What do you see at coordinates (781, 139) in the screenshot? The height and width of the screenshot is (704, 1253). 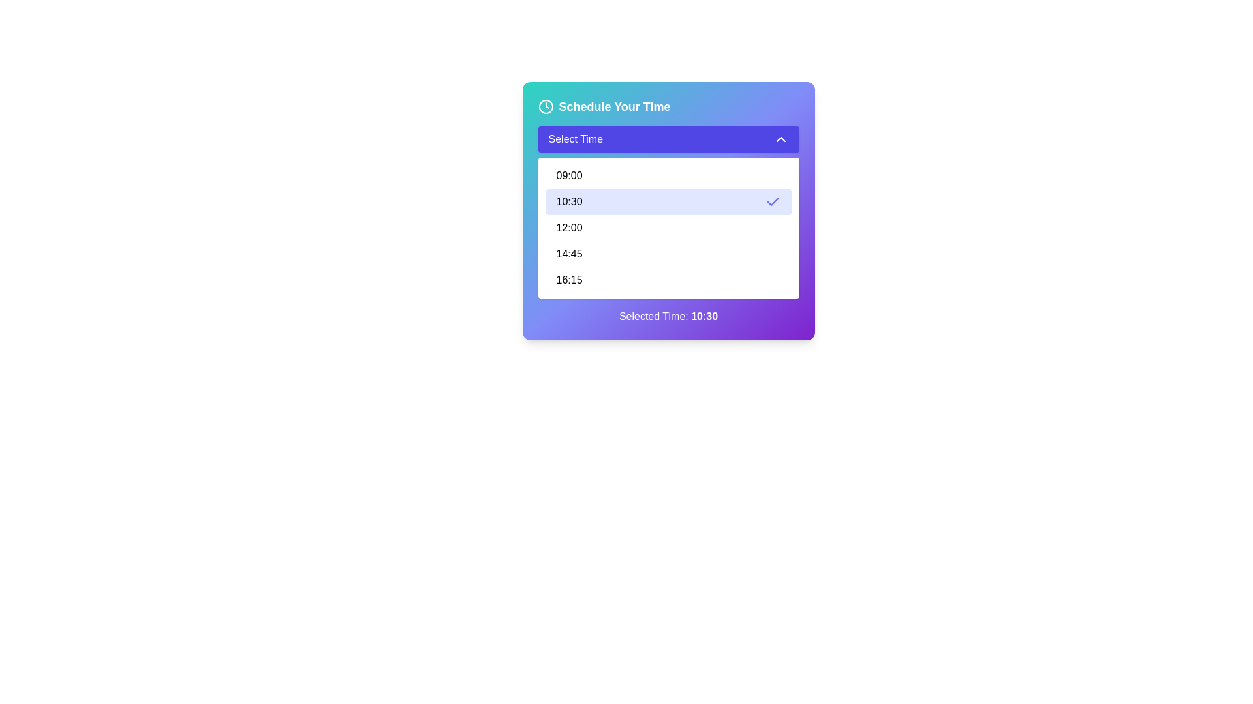 I see `the SVG chevron-up icon located at the top-right corner of the 'Select Time' button` at bounding box center [781, 139].